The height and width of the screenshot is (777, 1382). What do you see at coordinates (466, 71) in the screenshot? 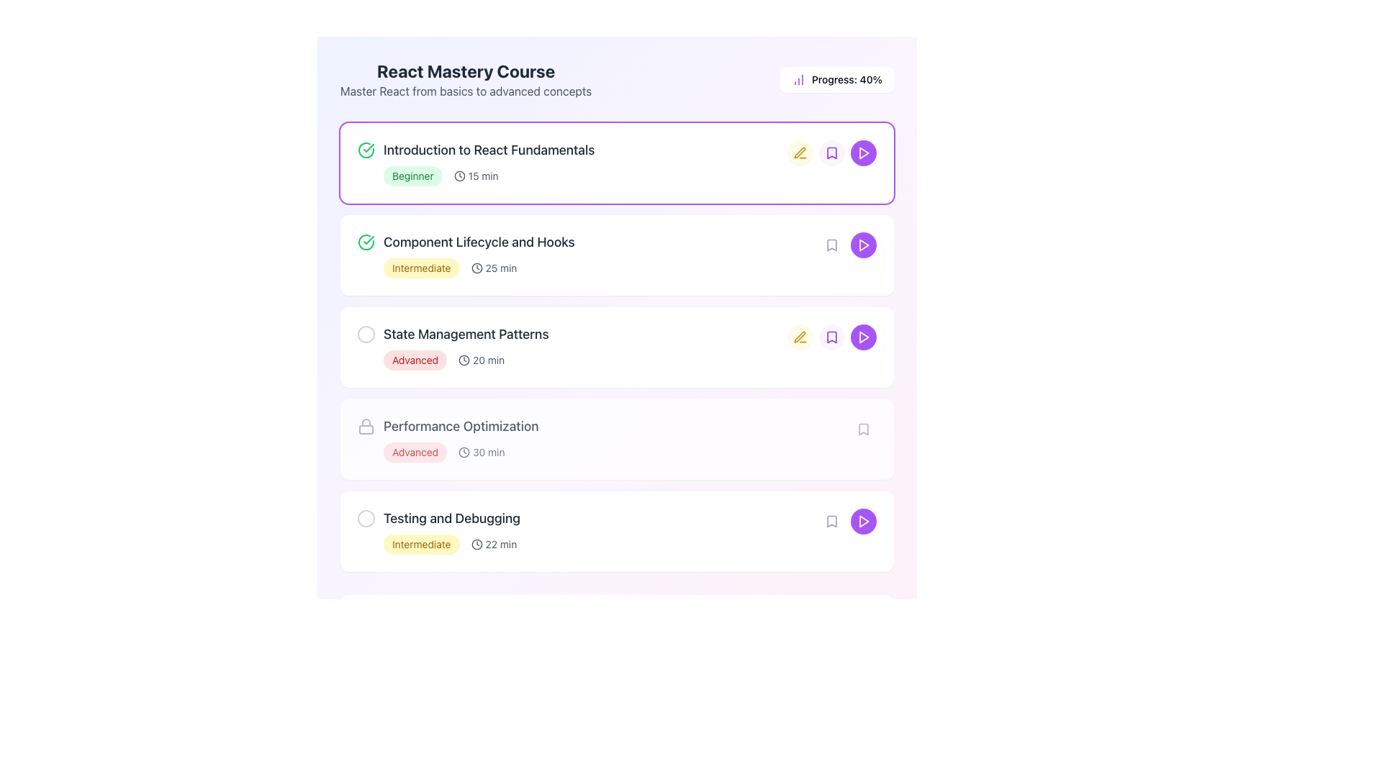
I see `the static heading element that serves as the title for the page, located above the subtitle 'Master React from basics to advanced concepts.'` at bounding box center [466, 71].